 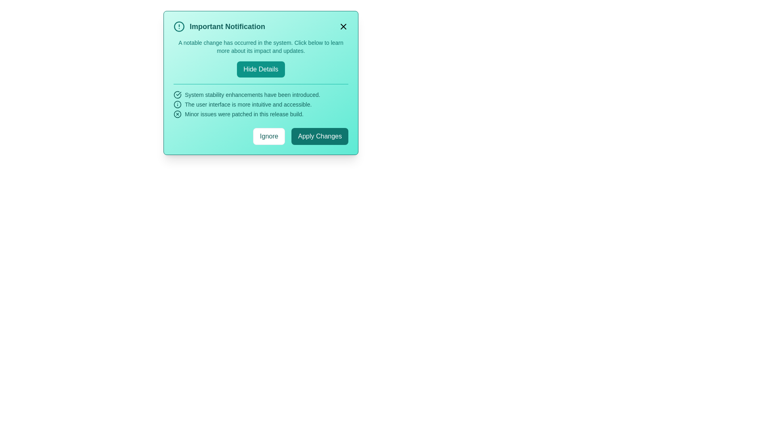 I want to click on the informative text block styled in teal located below the 'Important Notification' title, so click(x=261, y=46).